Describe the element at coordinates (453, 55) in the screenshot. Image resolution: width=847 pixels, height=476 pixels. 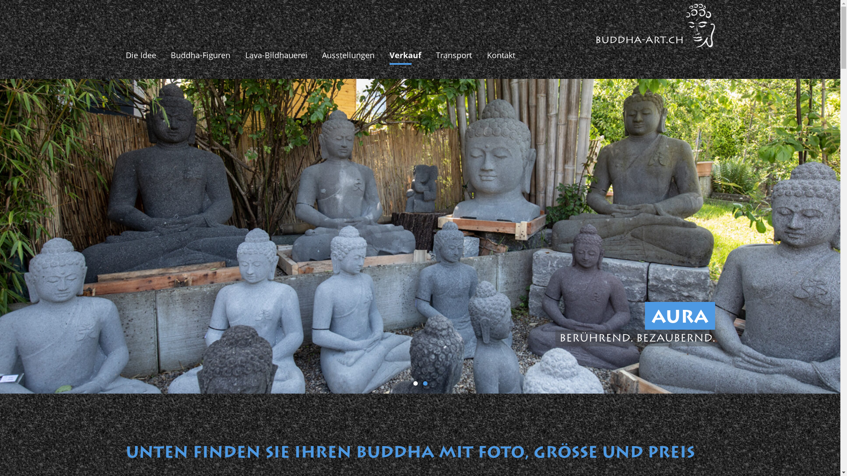
I see `'Transport'` at that location.